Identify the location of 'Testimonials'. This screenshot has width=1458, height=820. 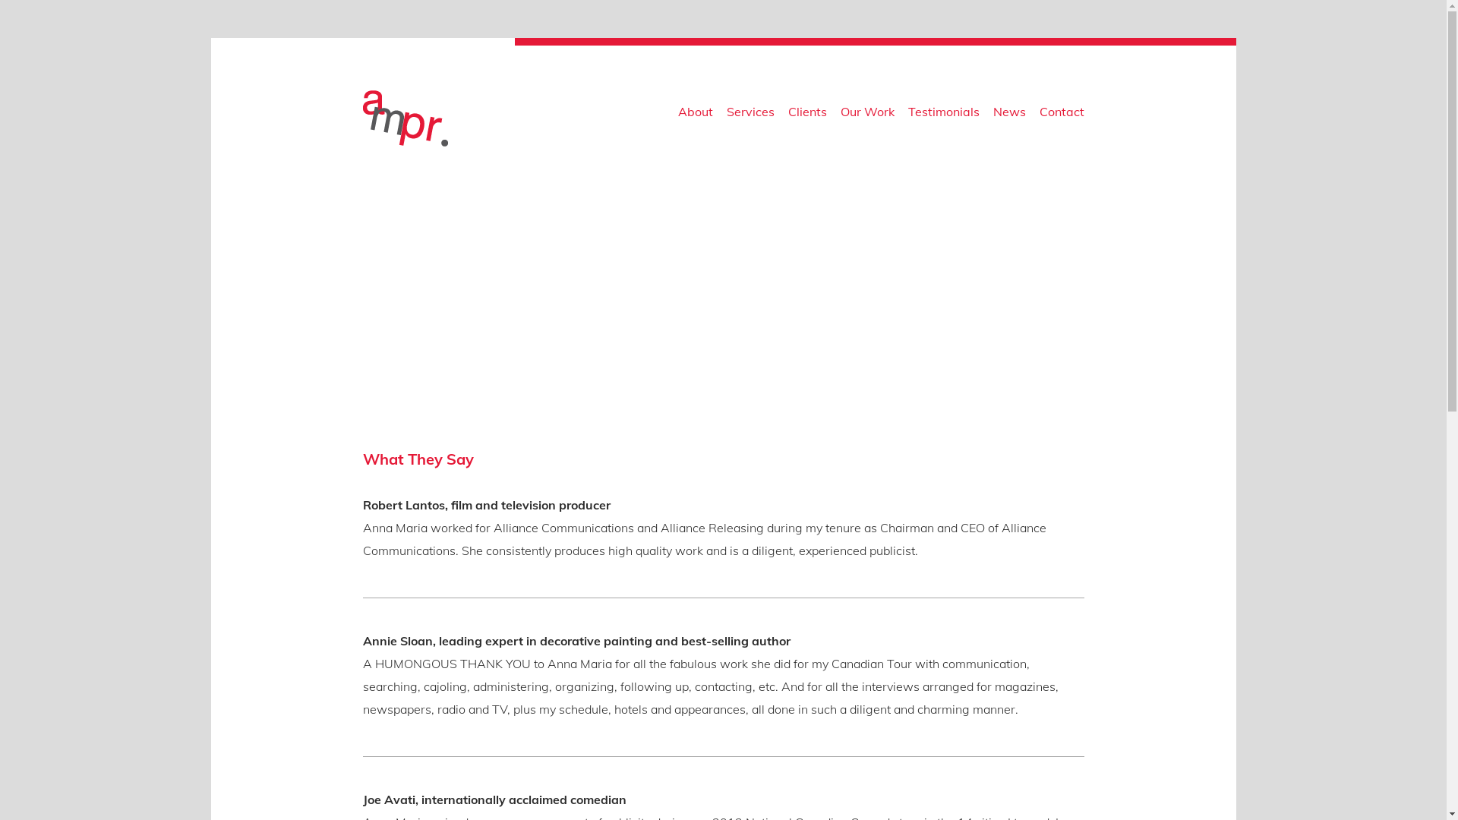
(943, 114).